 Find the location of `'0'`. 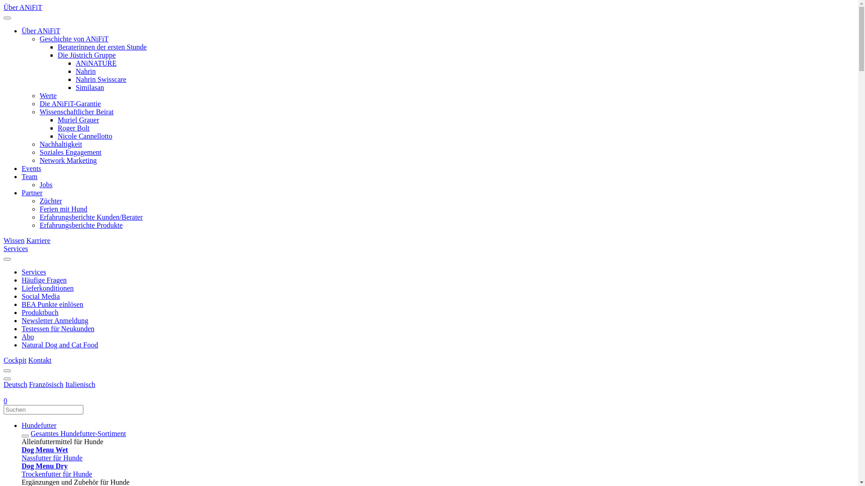

'0' is located at coordinates (5, 400).